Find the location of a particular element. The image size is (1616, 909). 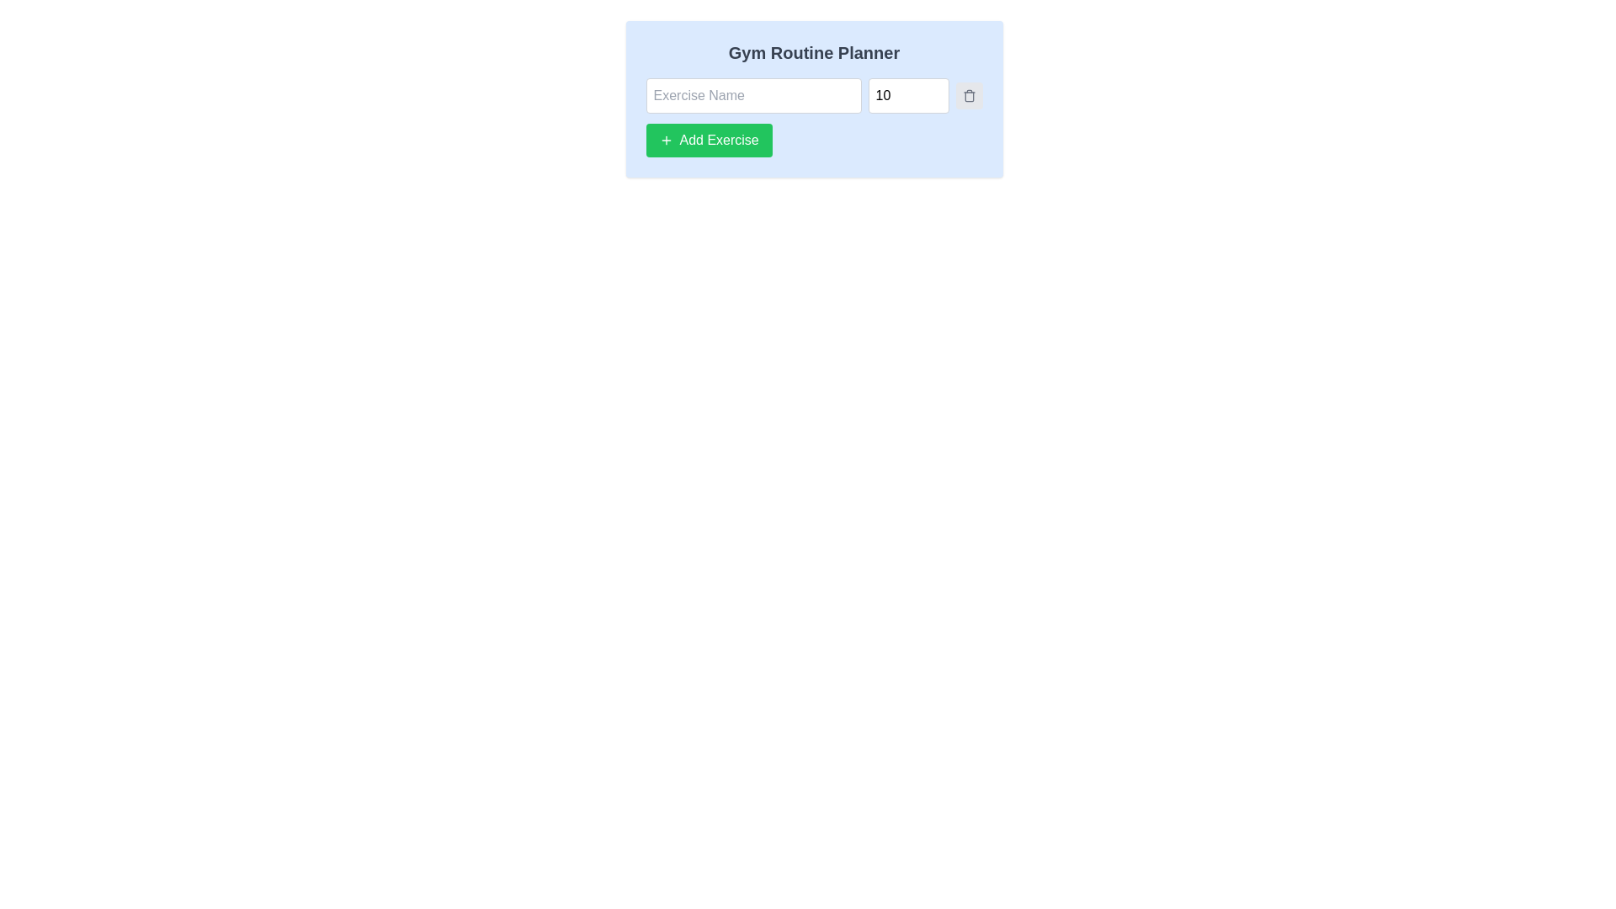

the trash bin icon inside the interactive button located at the upper-right corner of the form, which has a gray background that turns red upon hover is located at coordinates (969, 96).